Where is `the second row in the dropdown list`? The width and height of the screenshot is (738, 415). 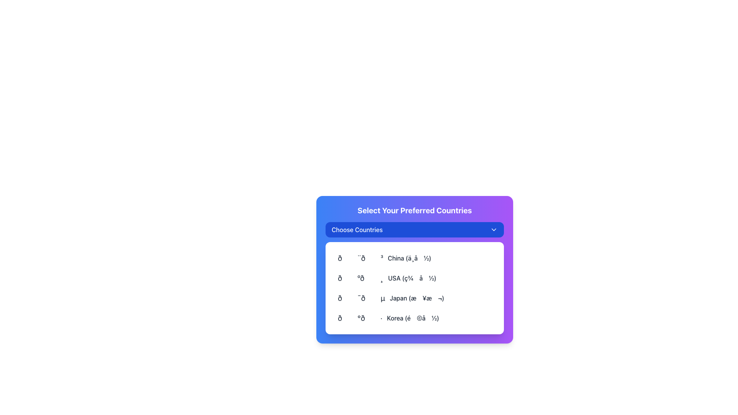 the second row in the dropdown list is located at coordinates (414, 278).